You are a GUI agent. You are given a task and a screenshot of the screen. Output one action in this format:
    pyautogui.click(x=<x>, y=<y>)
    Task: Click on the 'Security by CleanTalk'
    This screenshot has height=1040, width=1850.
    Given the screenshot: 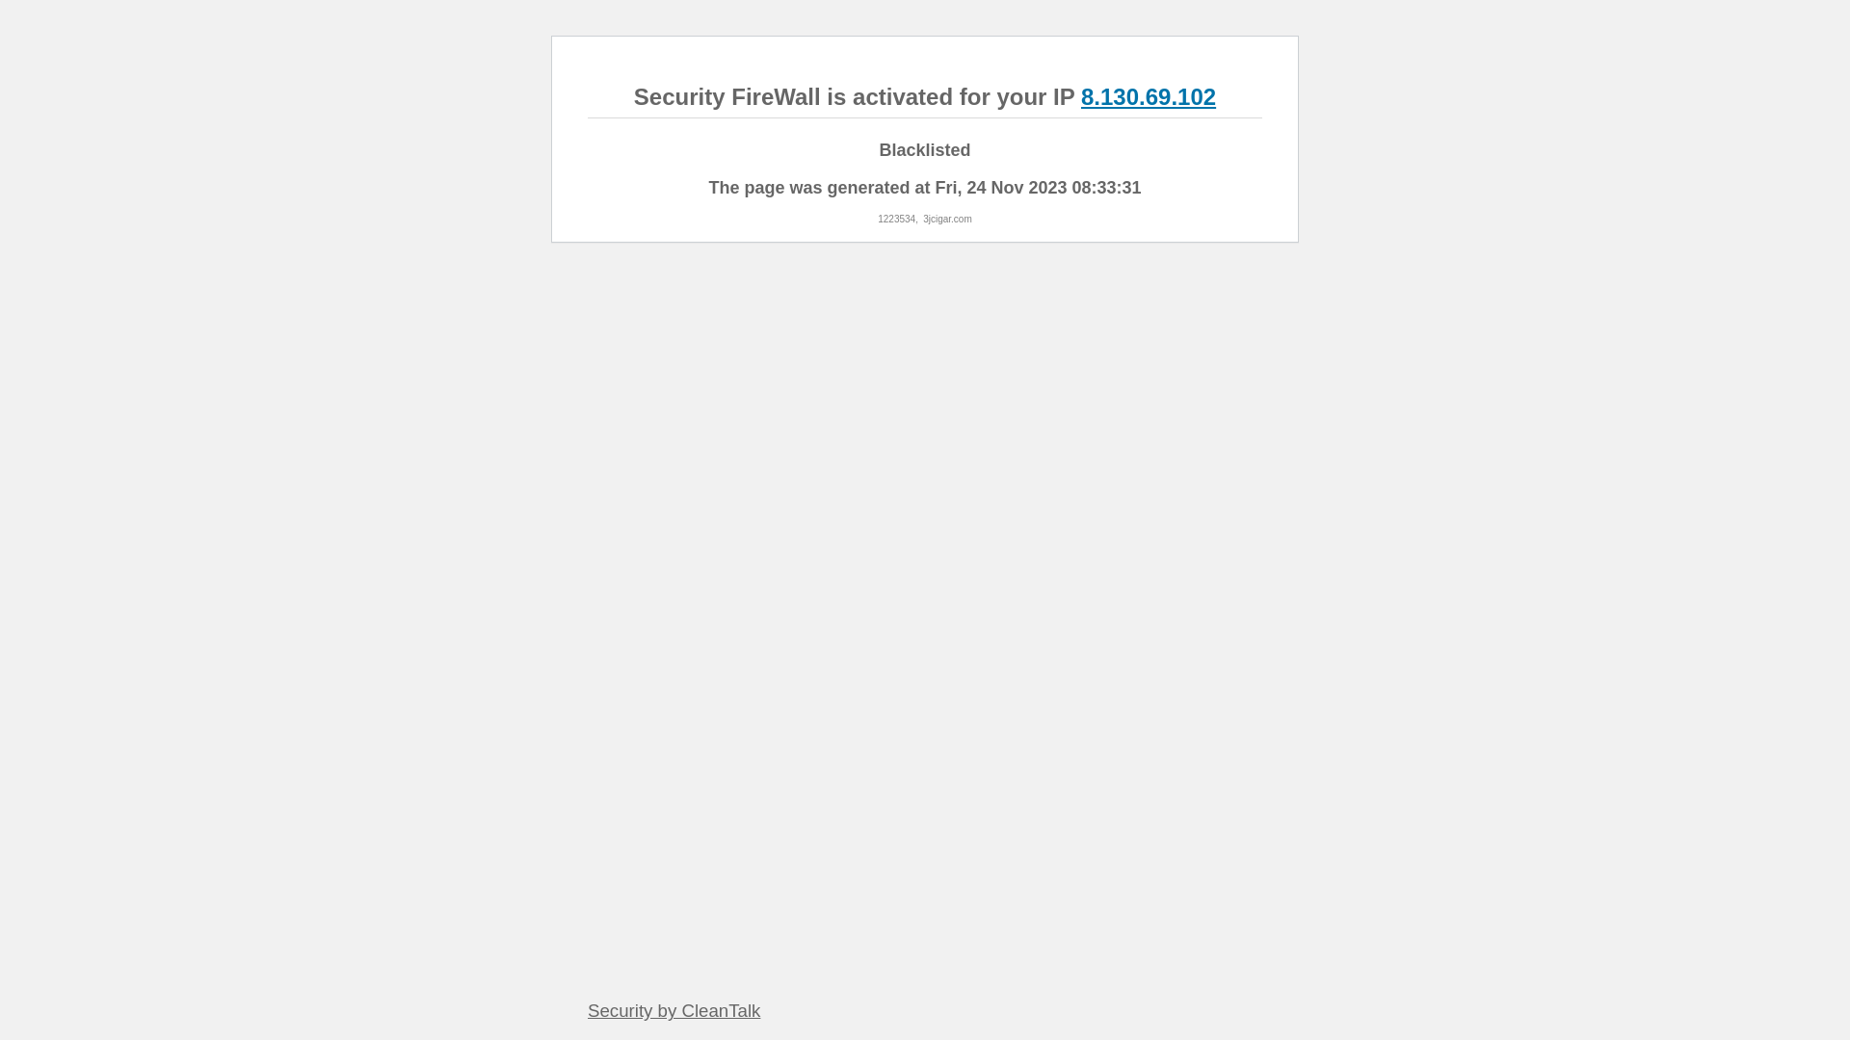 What is the action you would take?
    pyautogui.click(x=674, y=1009)
    